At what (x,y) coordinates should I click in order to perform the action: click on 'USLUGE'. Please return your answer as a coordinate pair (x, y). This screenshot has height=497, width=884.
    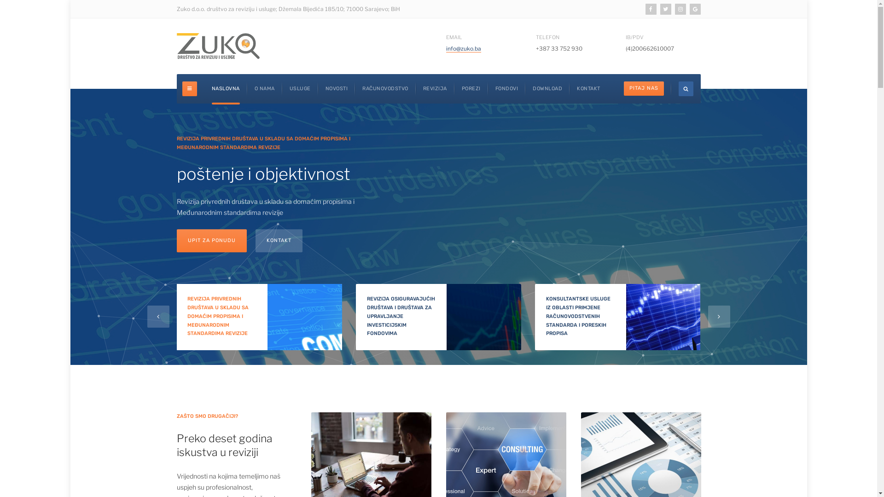
    Looking at the image, I should click on (289, 88).